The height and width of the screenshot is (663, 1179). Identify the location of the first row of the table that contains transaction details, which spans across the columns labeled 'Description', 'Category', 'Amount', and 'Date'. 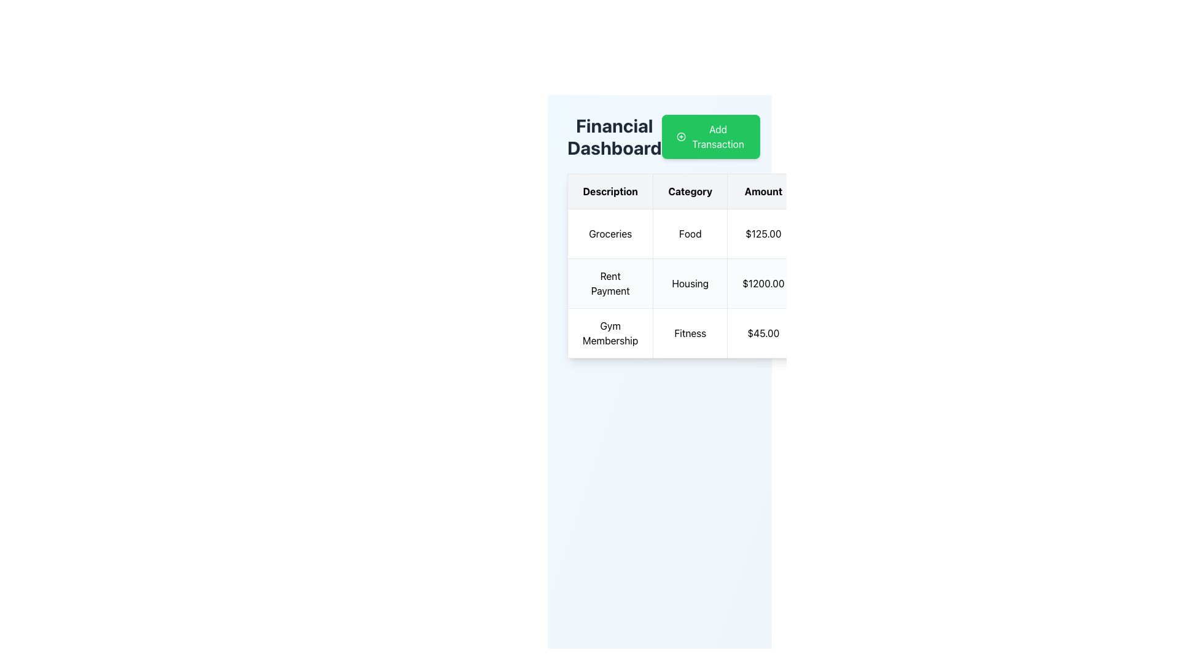
(751, 234).